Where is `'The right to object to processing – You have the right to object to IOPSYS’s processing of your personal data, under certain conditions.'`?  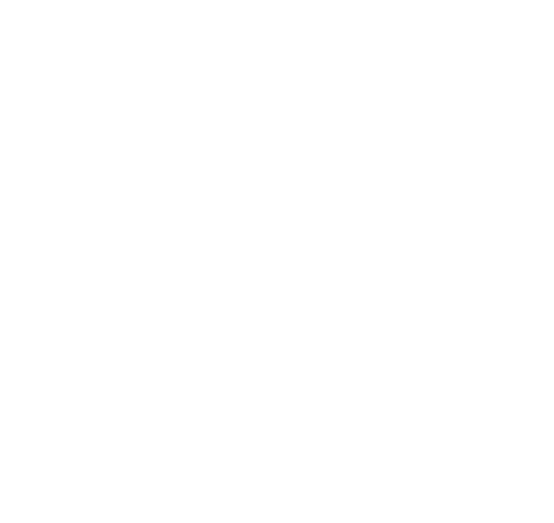 'The right to object to processing – You have the right to object to IOPSYS’s processing of your personal data, under certain conditions.' is located at coordinates (271, 138).